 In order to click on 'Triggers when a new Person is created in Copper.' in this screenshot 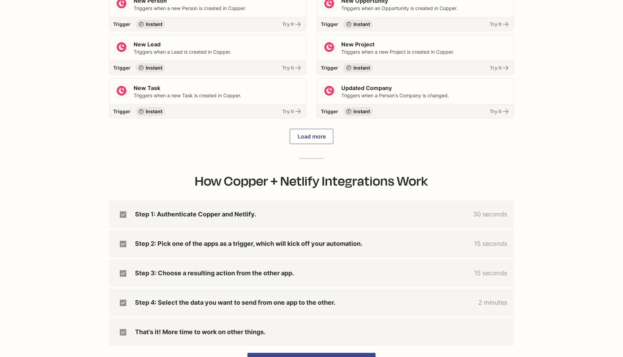, I will do `click(133, 8)`.